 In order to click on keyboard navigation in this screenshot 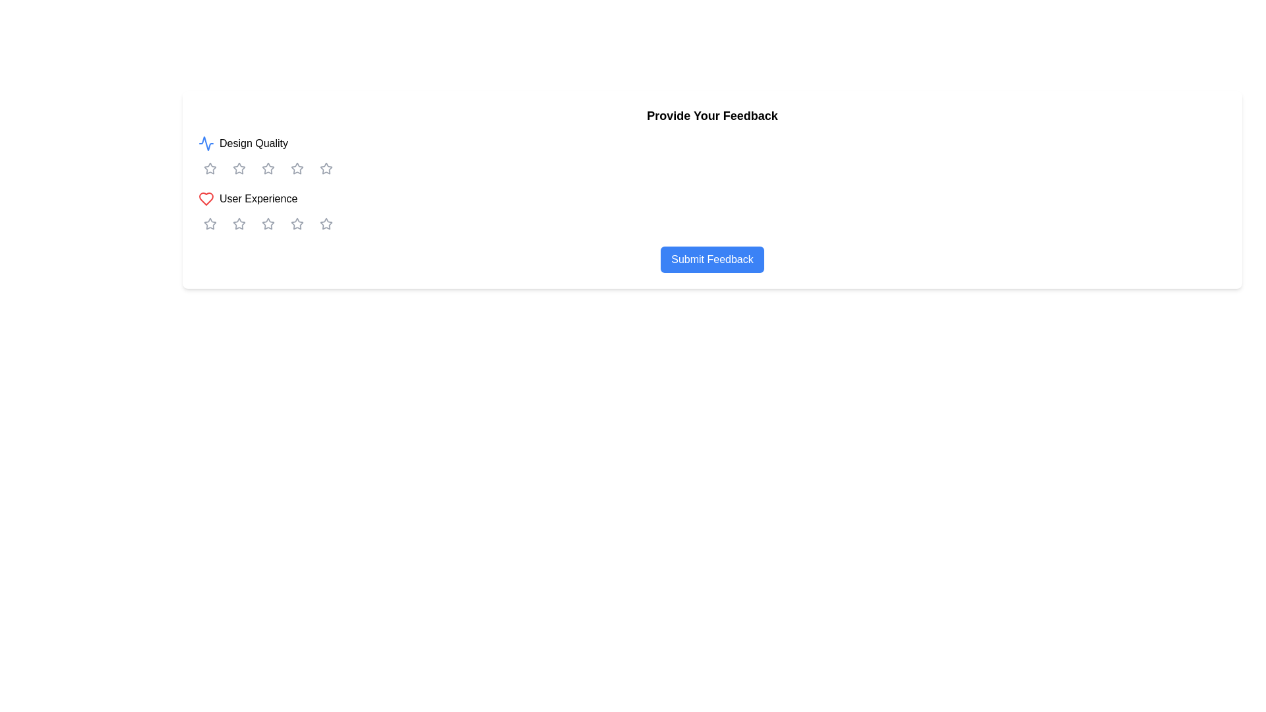, I will do `click(268, 167)`.